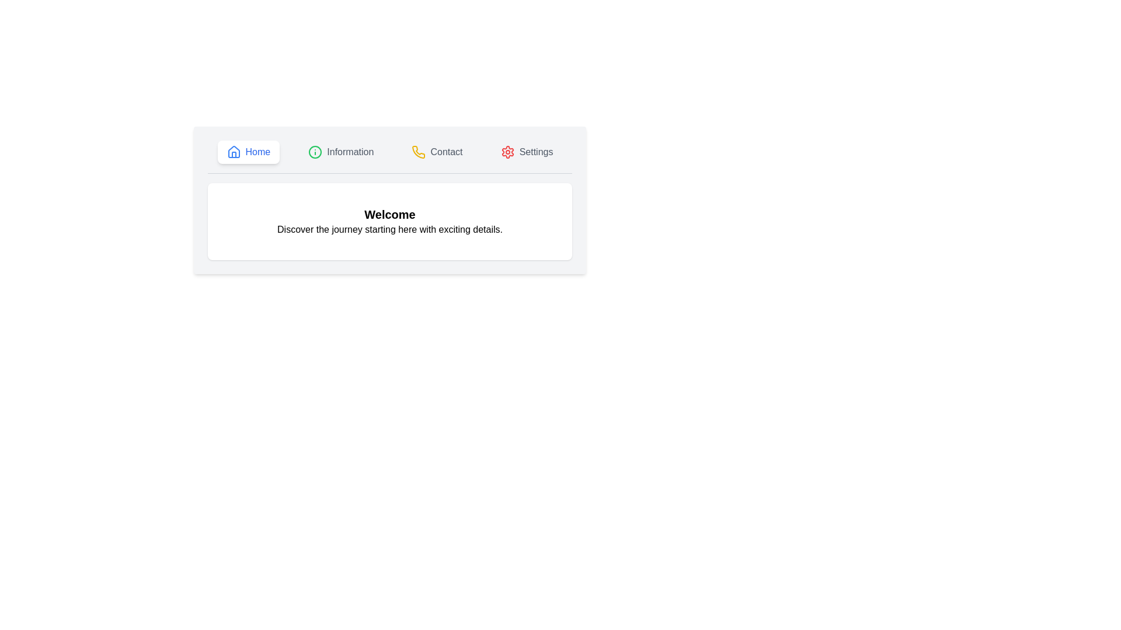 The height and width of the screenshot is (630, 1121). What do you see at coordinates (507, 152) in the screenshot?
I see `settings button represented by the graphical component within the 'svg' image, located as the fourth item from the left in the top navigation bar` at bounding box center [507, 152].